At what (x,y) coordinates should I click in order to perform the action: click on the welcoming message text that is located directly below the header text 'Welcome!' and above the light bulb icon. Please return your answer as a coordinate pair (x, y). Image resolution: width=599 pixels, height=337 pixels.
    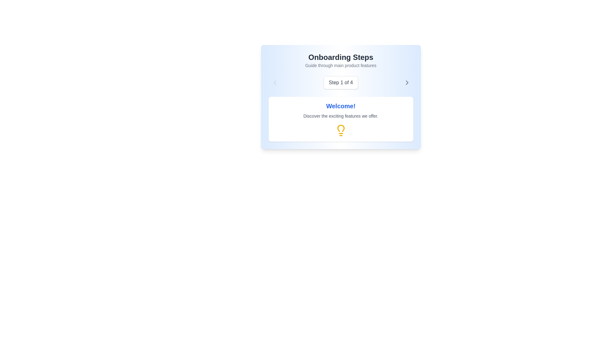
    Looking at the image, I should click on (340, 116).